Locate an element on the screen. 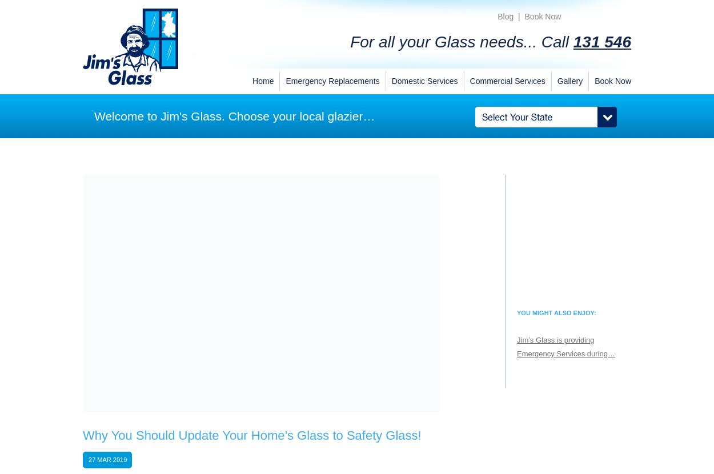 The image size is (714, 474). '27 Mar 2019' is located at coordinates (107, 459).